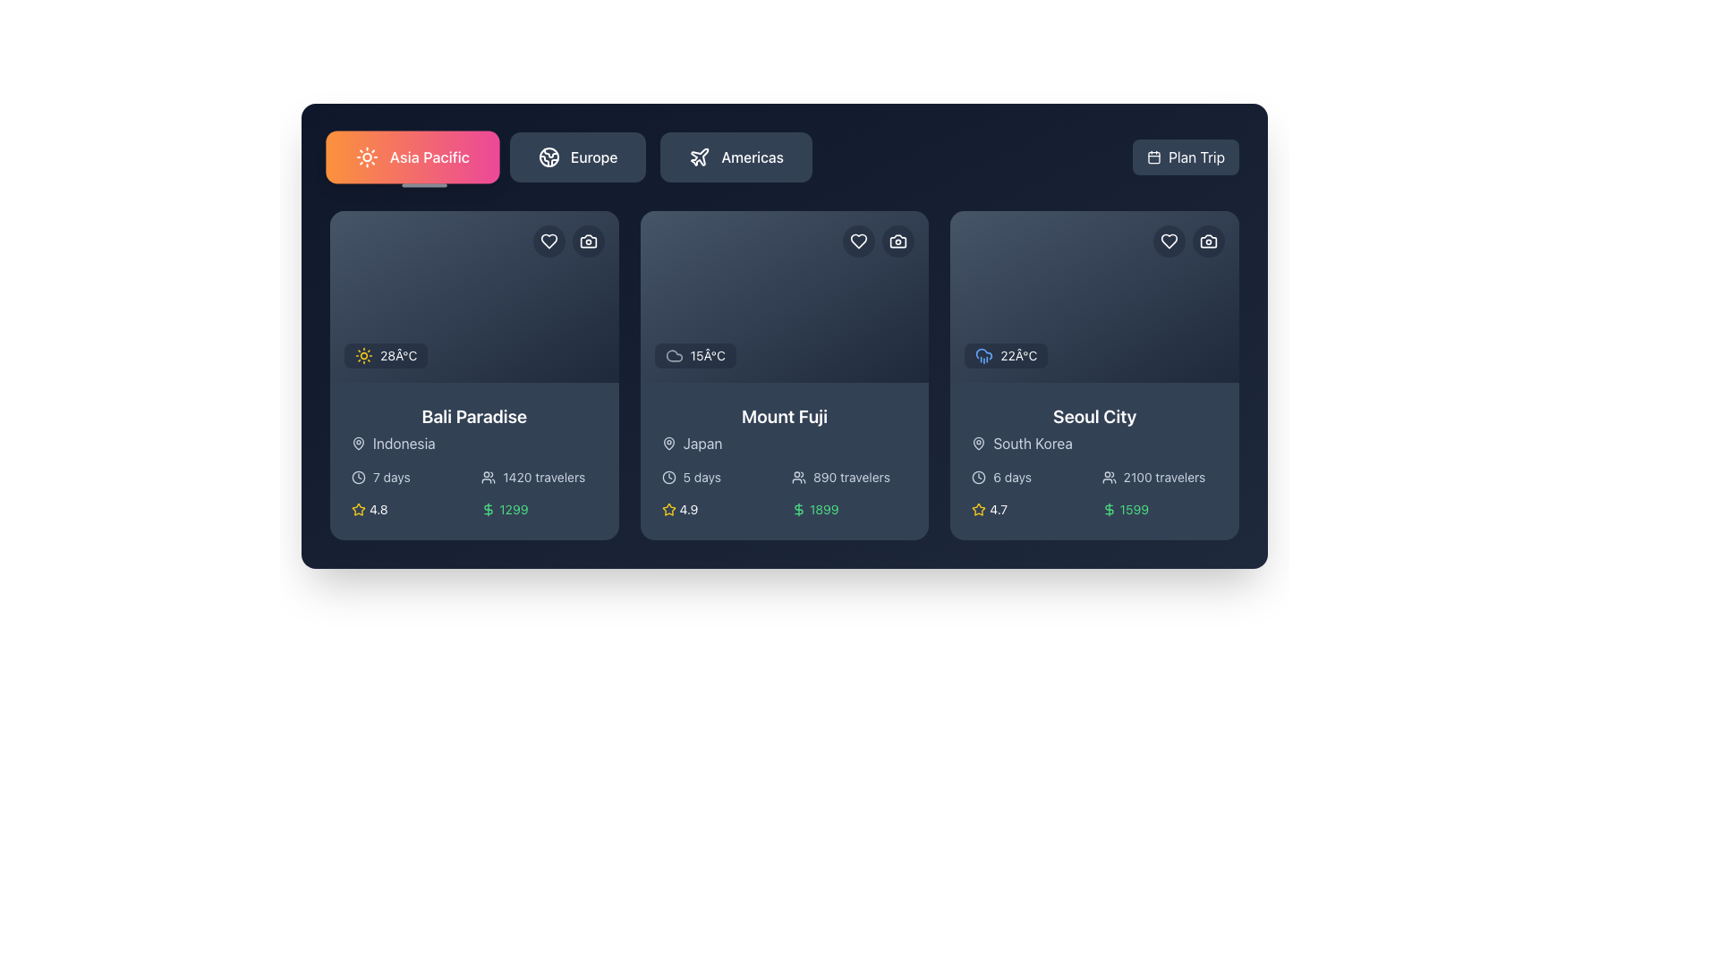  I want to click on the heart-shaped icon within the circular button at the top right corner of the 'Seoul City' card, so click(1169, 241).